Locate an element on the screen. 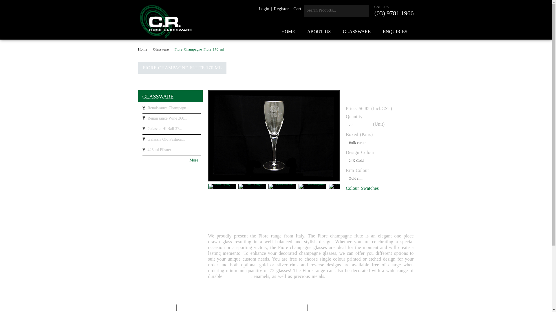  'Glassware' is located at coordinates (153, 49).